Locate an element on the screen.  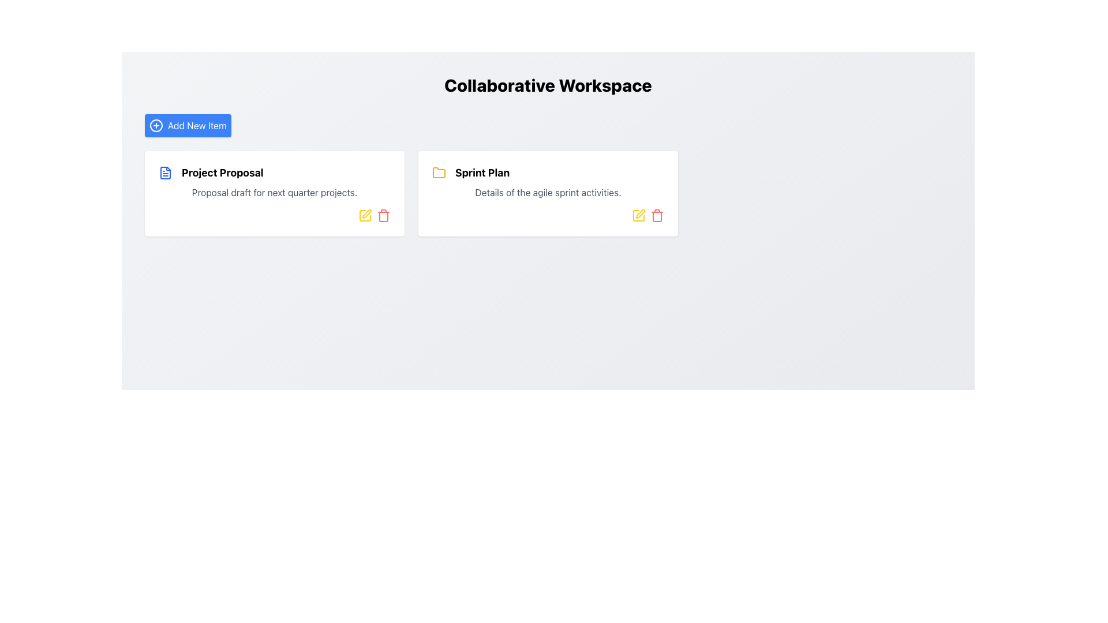
the decorative folder icon representing the 'Sprint Plan' section, located in the right card of the interface is located at coordinates (439, 172).